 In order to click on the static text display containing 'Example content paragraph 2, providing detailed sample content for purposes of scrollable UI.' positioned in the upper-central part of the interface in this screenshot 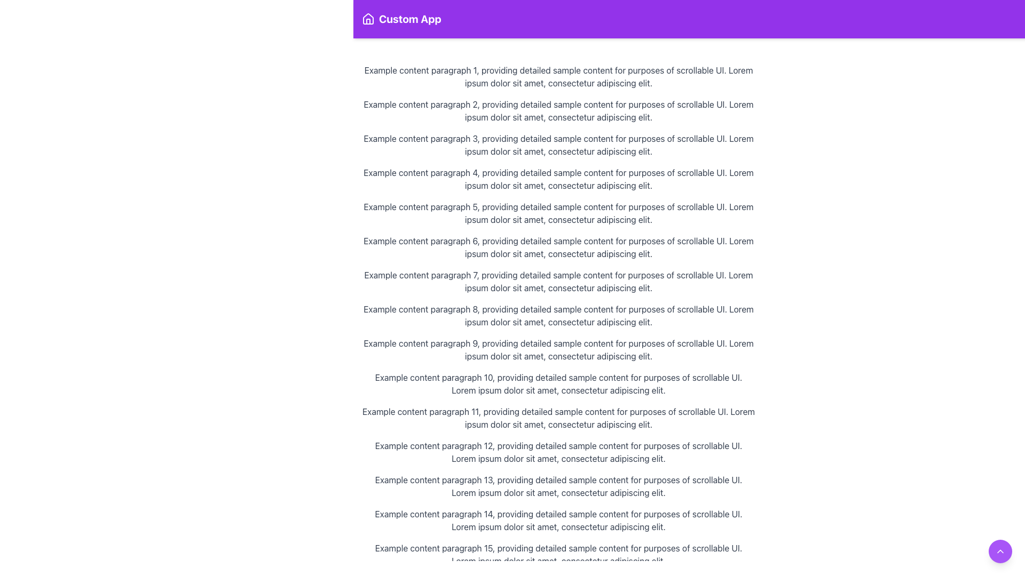, I will do `click(558, 111)`.